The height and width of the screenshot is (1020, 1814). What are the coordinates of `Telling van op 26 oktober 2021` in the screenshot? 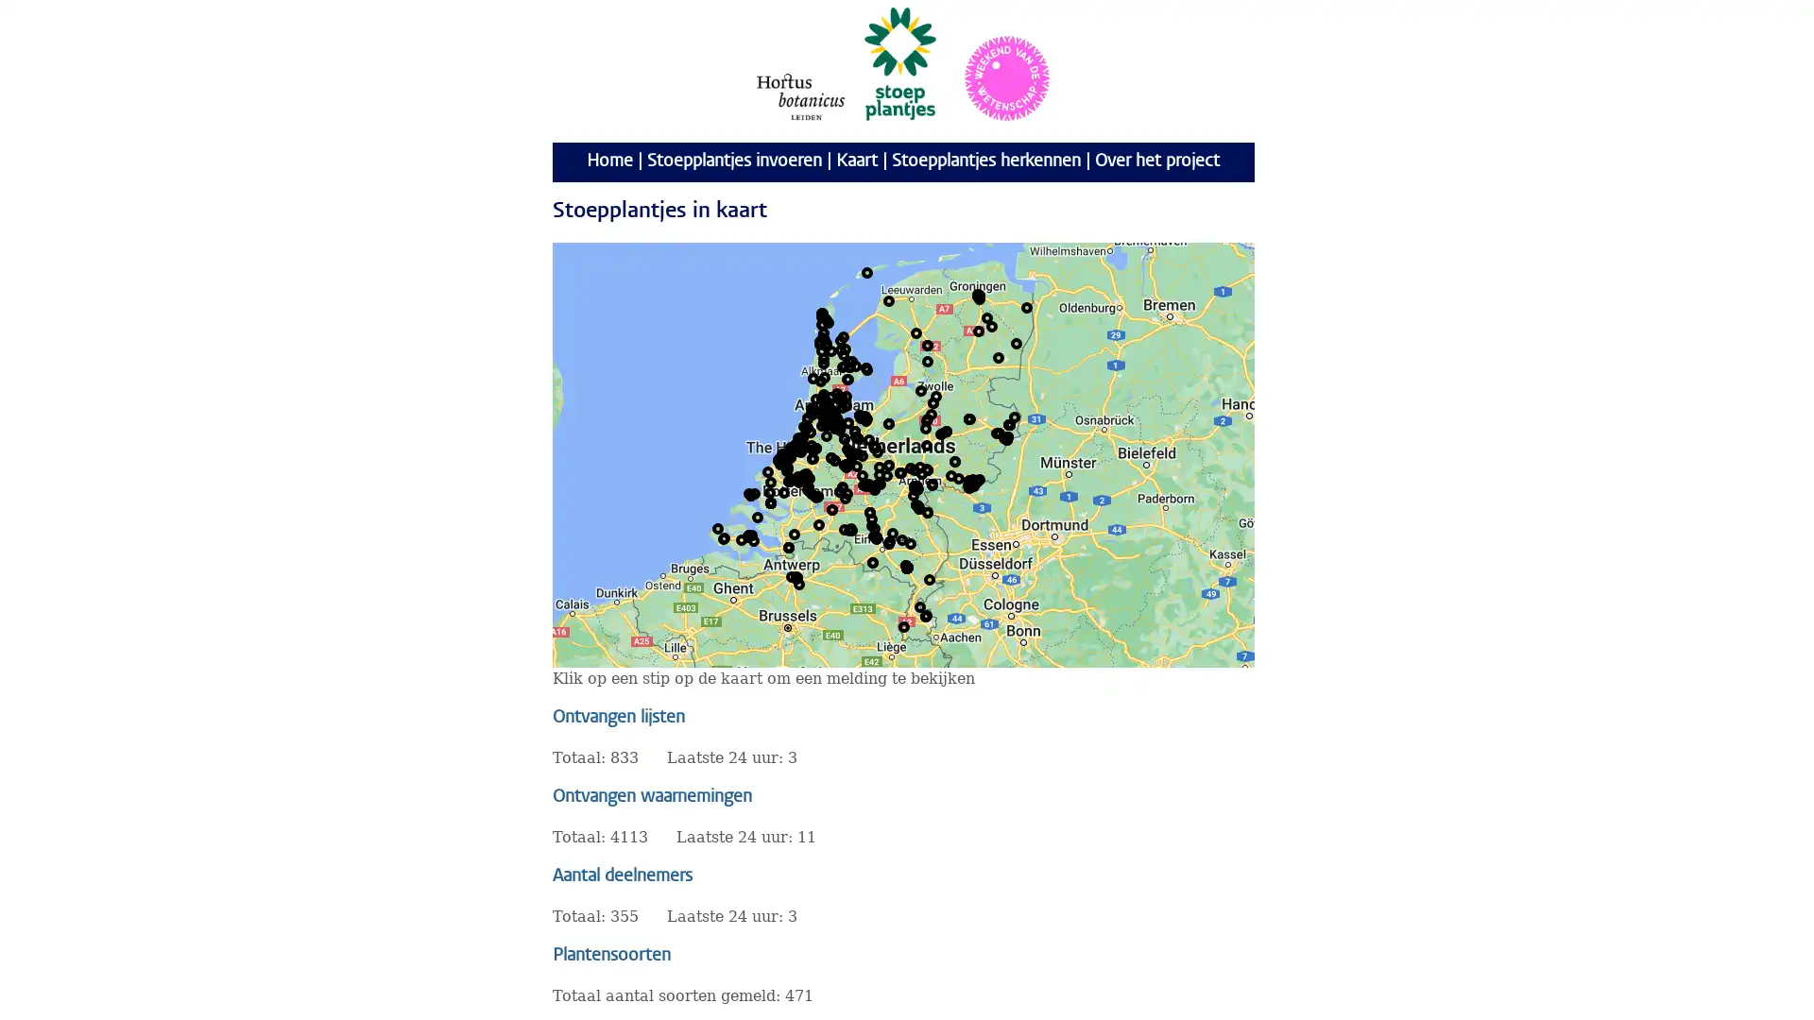 It's located at (830, 422).